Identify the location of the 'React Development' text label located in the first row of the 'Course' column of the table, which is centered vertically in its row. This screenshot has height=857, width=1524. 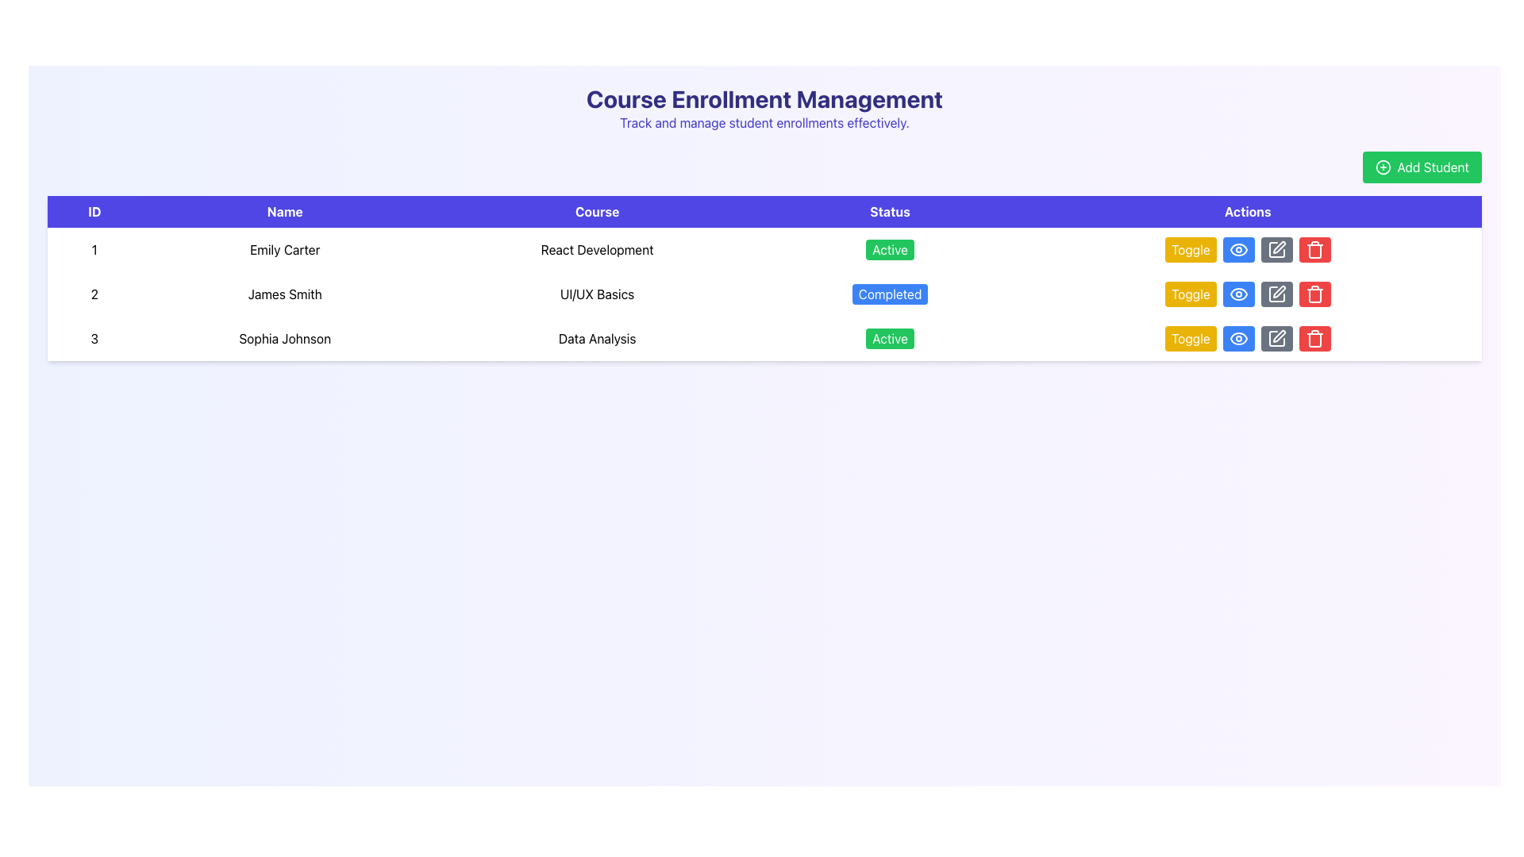
(596, 250).